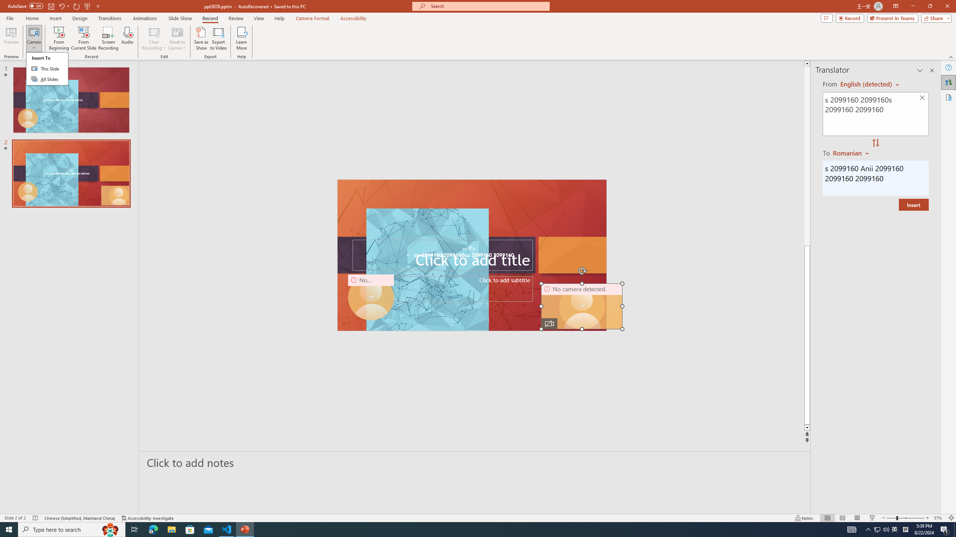 The image size is (956, 537). I want to click on 'Clear Recording', so click(154, 38).